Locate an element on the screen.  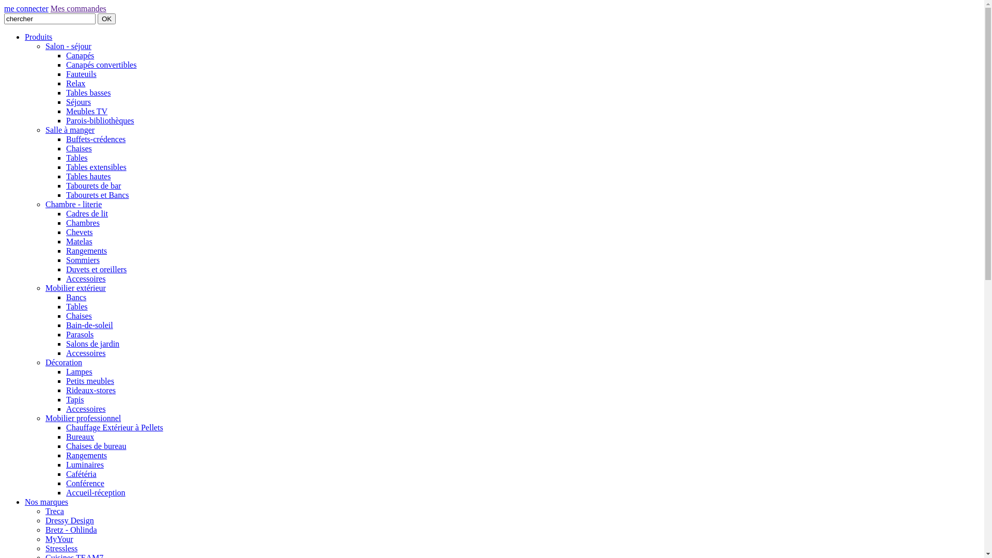
'Chevets' is located at coordinates (79, 231).